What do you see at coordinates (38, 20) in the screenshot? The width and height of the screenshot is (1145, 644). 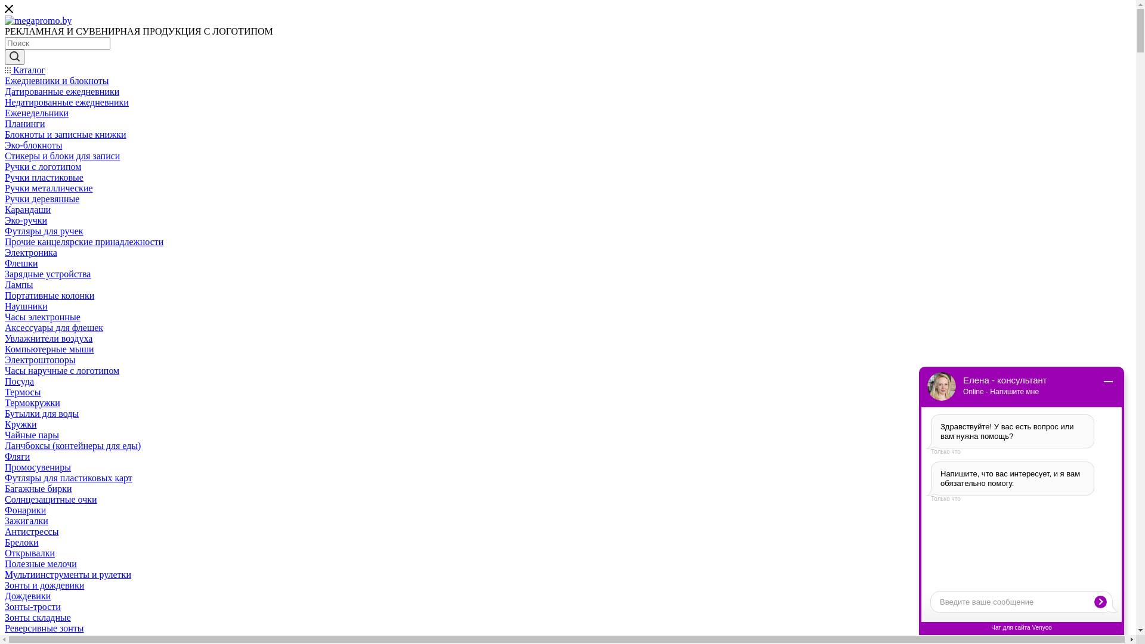 I see `'megapromo.by'` at bounding box center [38, 20].